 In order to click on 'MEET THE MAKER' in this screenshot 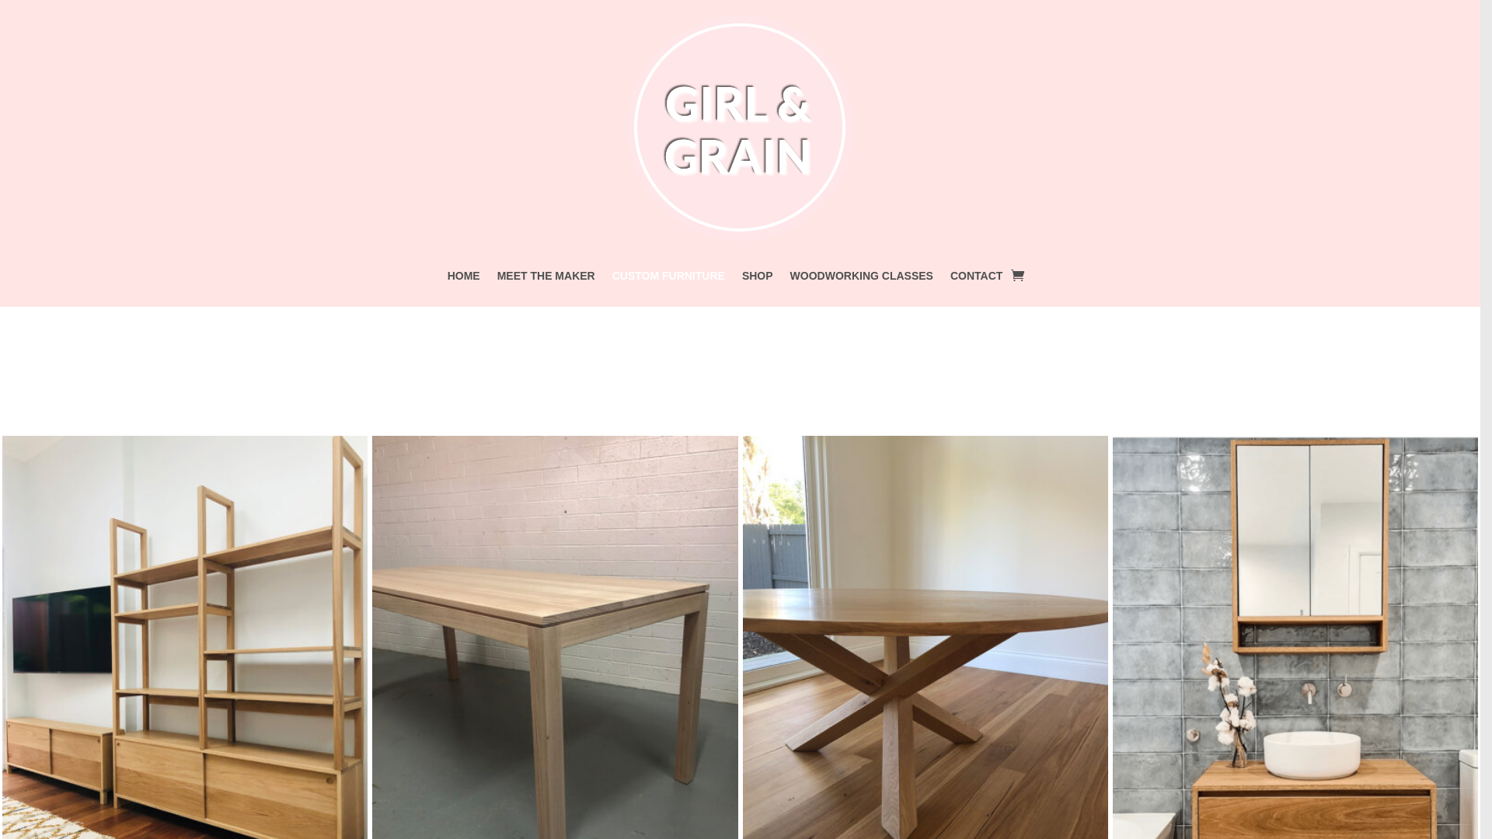, I will do `click(546, 277)`.